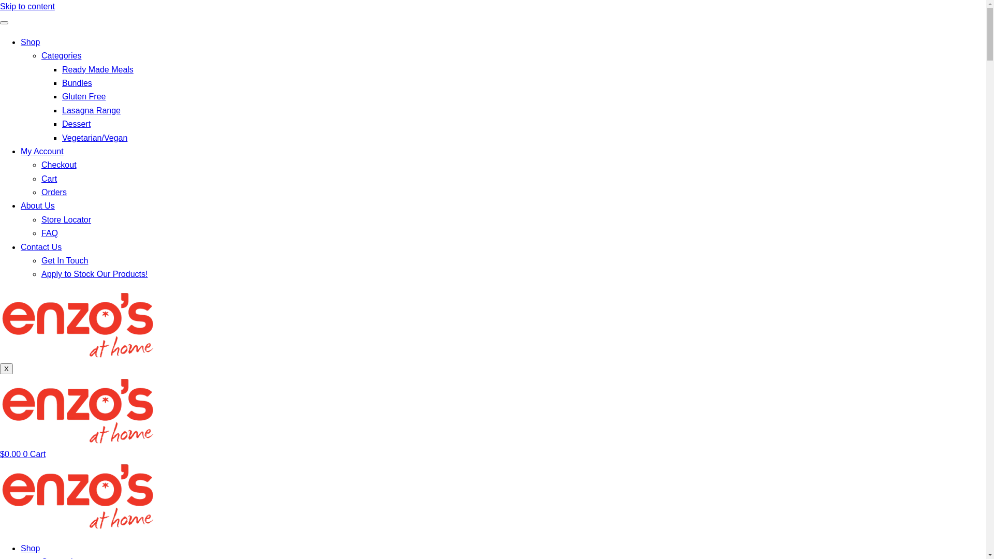 The image size is (994, 559). What do you see at coordinates (49, 233) in the screenshot?
I see `'FAQ'` at bounding box center [49, 233].